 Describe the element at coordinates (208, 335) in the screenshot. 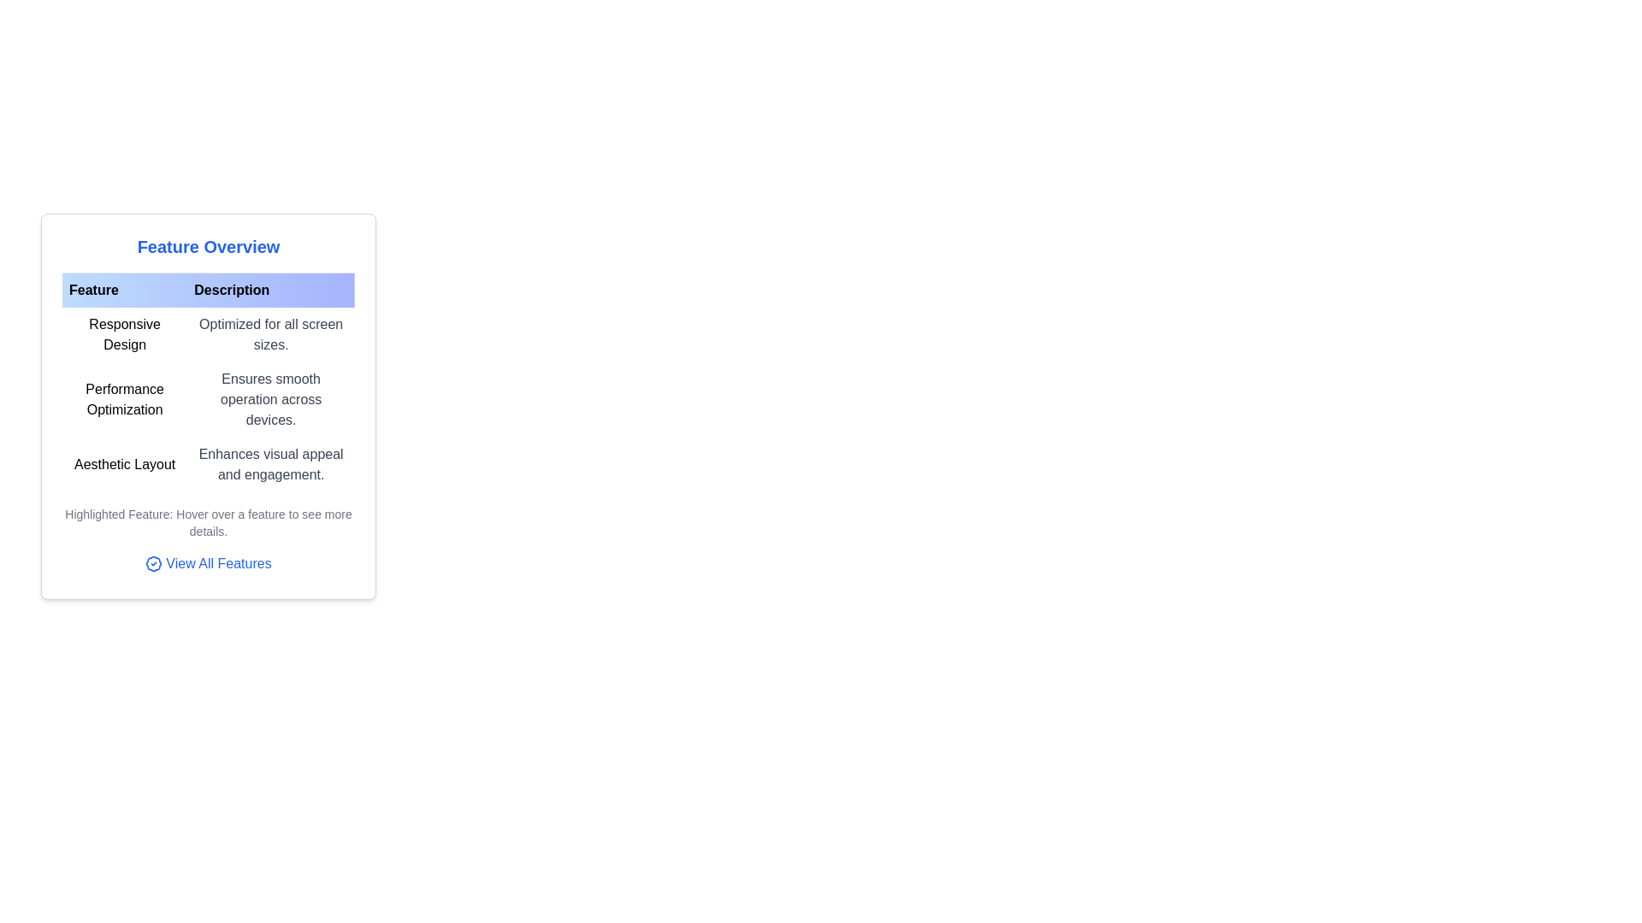

I see `the descriptive text pair for 'Responsive Design' located in the first row of the 'Feature Overview' table` at that location.